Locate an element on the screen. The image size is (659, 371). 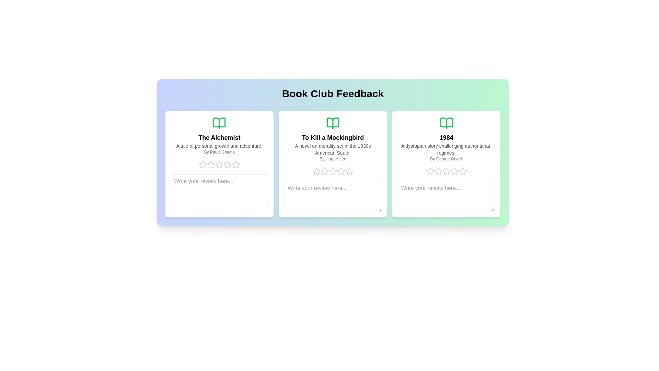
text label displaying the title 'The Alchemist' located at the center of the top third of the leftmost card in a grid layout is located at coordinates (219, 138).